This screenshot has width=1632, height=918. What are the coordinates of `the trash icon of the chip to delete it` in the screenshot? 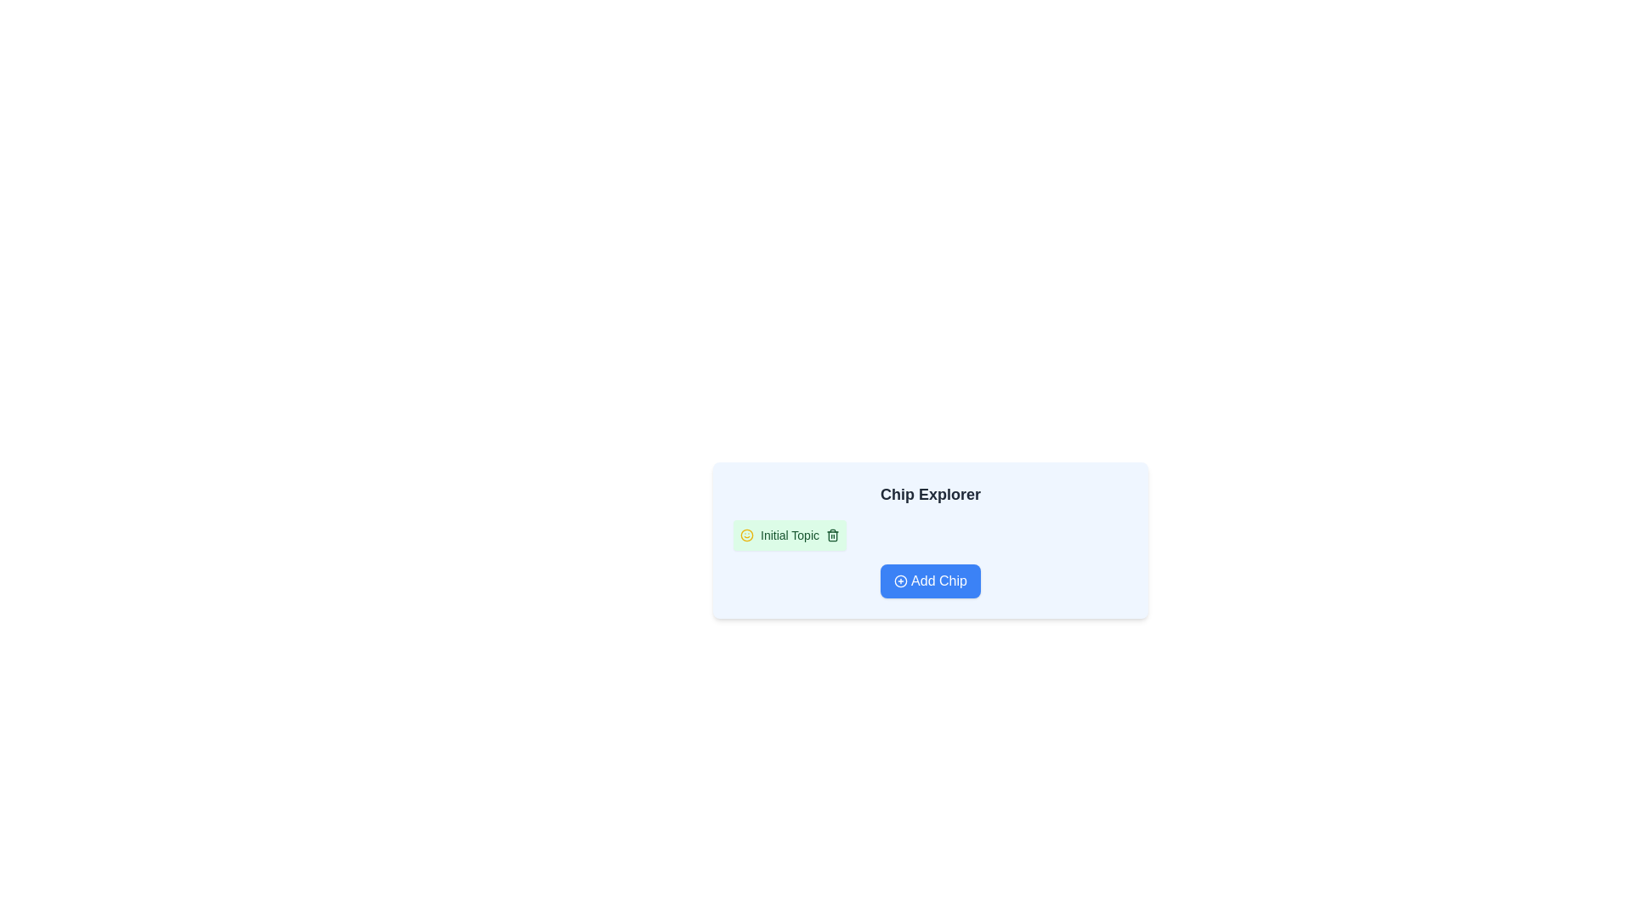 It's located at (832, 534).